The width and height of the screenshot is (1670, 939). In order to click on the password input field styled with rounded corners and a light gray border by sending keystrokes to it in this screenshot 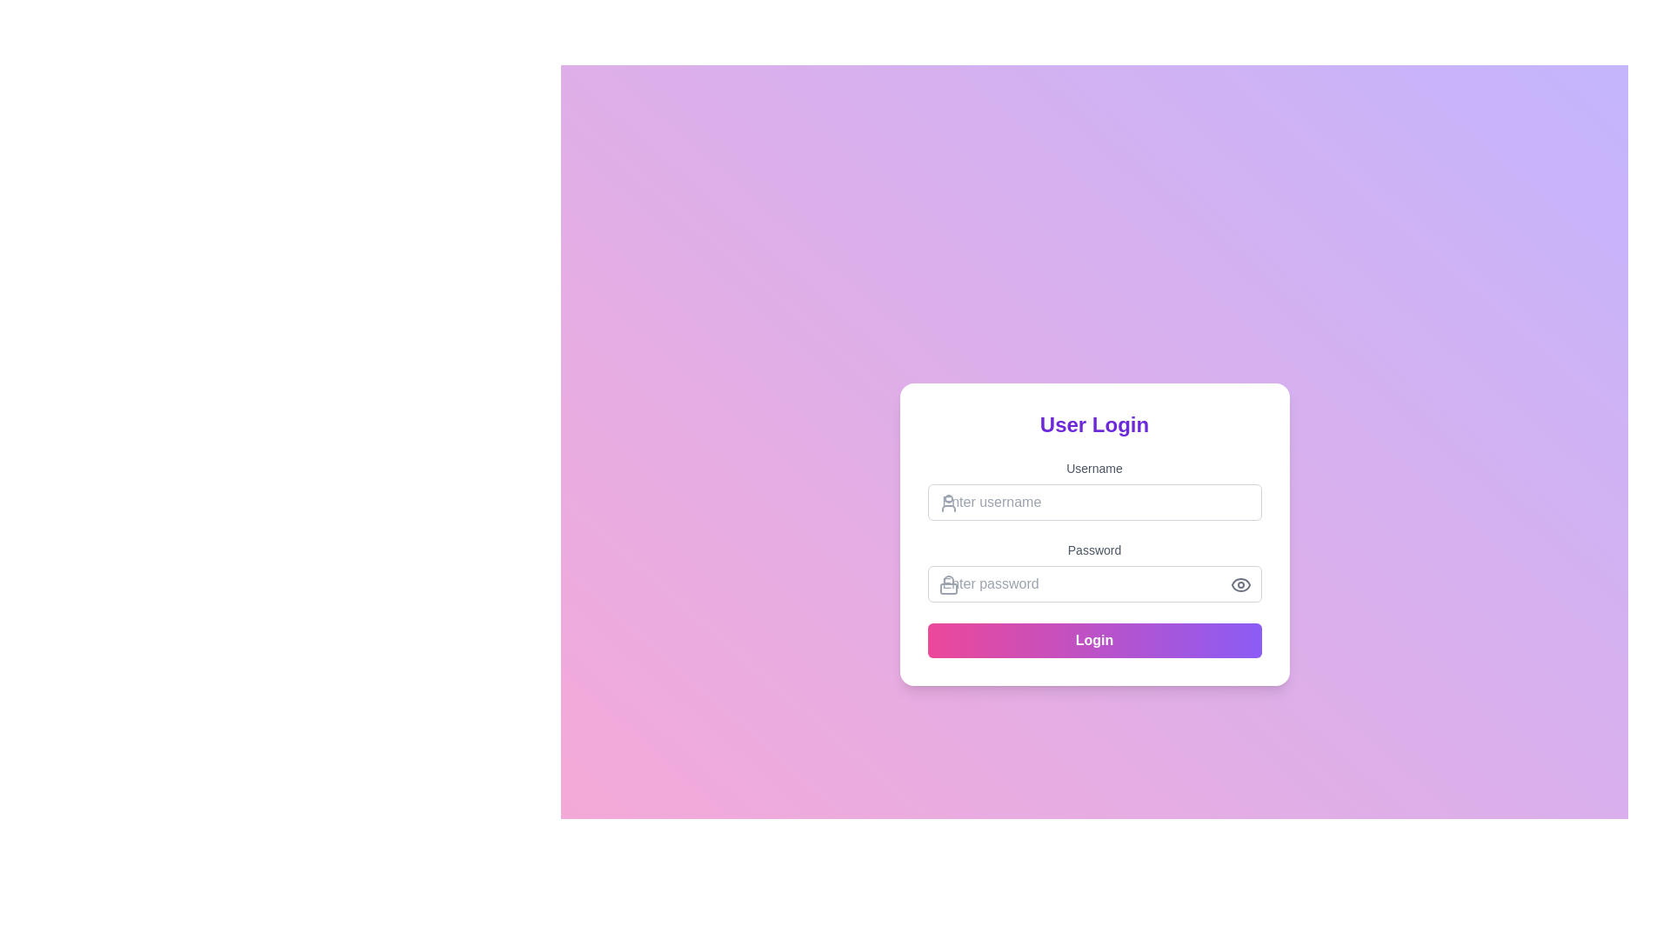, I will do `click(1093, 583)`.